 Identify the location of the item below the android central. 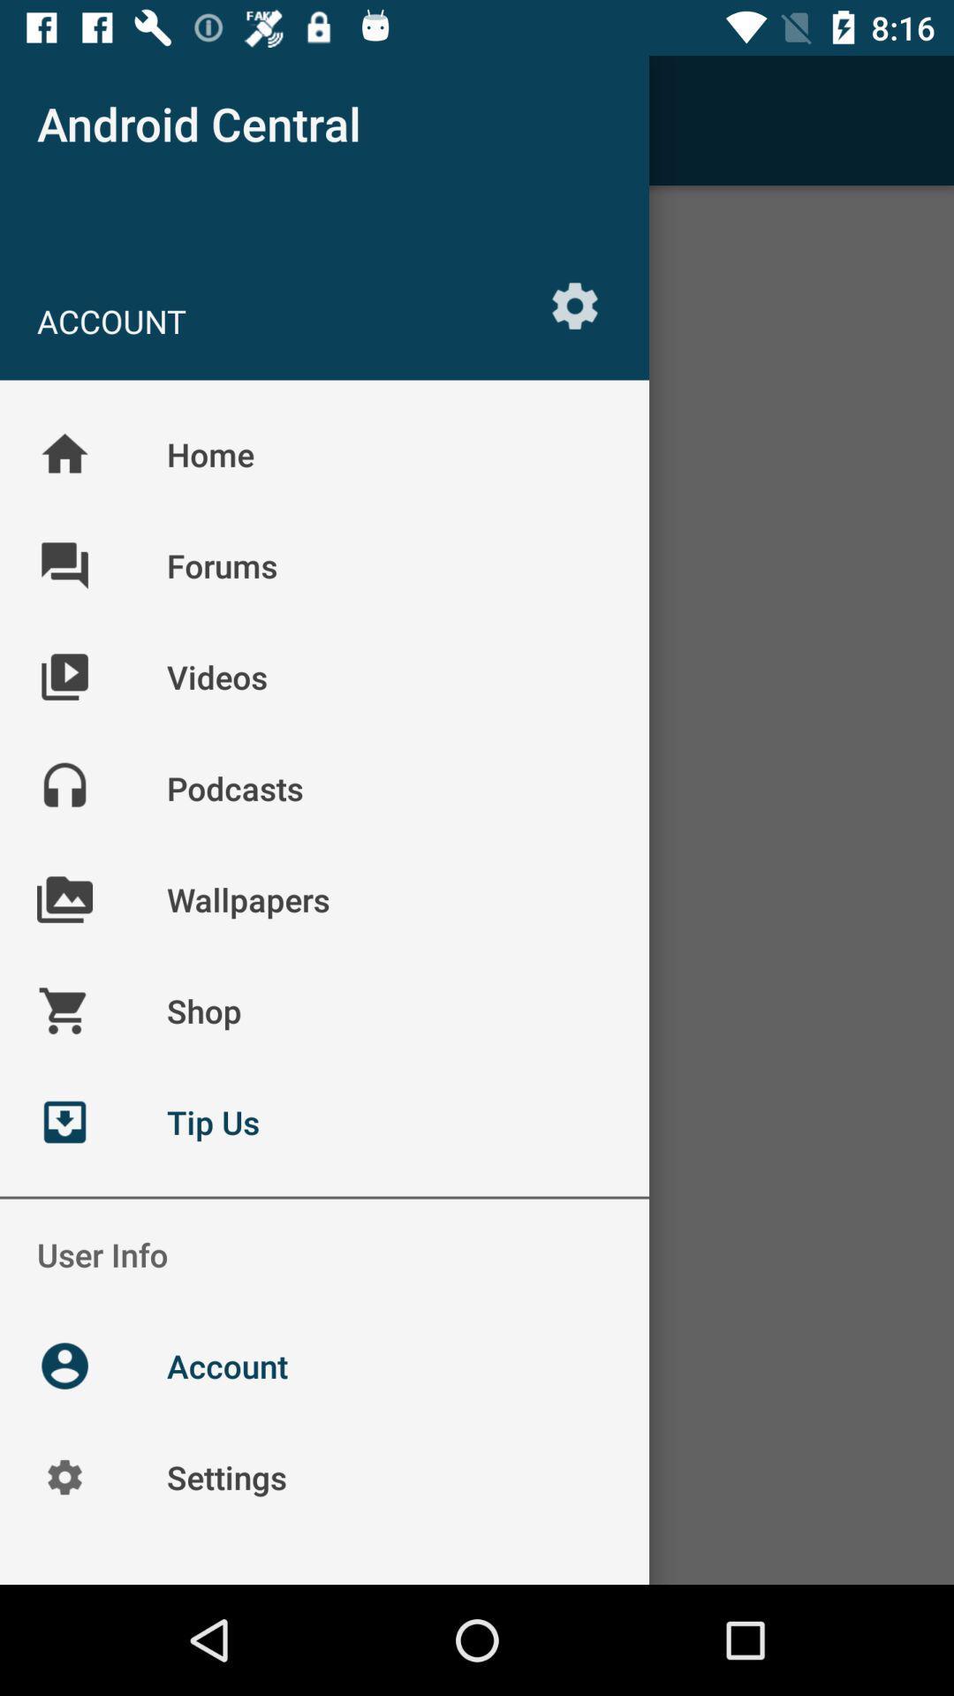
(575, 306).